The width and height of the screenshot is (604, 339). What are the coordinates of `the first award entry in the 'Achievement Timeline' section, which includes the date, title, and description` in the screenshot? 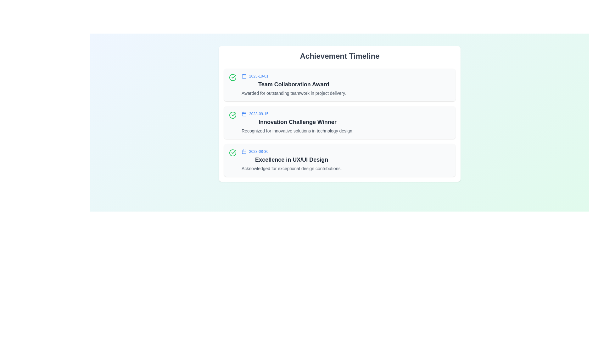 It's located at (293, 85).